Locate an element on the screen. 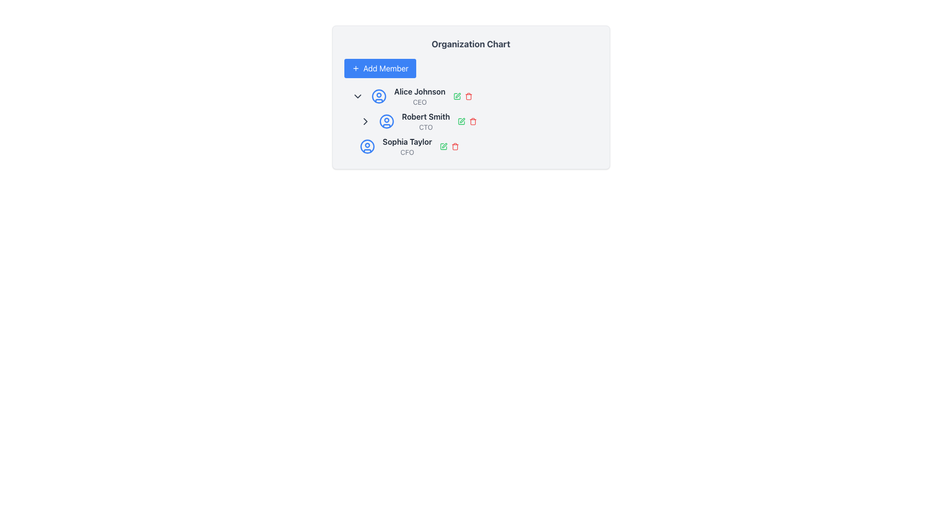 The image size is (926, 521). the text label 'Alice Johnson' which is styled in bold and displayed in dark gray, part of the hierarchical organization chart is located at coordinates (420, 91).